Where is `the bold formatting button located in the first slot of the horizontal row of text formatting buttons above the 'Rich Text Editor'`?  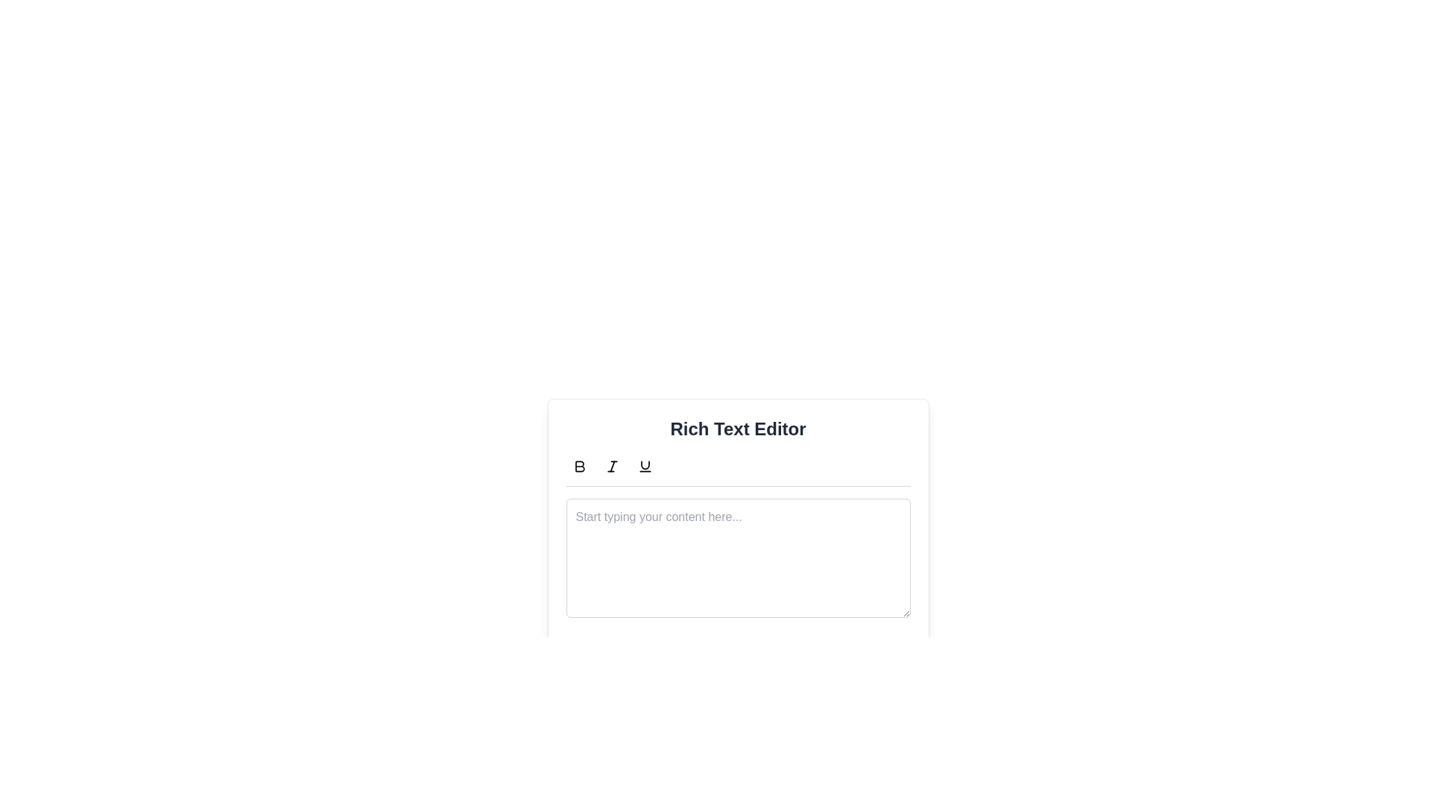 the bold formatting button located in the first slot of the horizontal row of text formatting buttons above the 'Rich Text Editor' is located at coordinates (578, 465).